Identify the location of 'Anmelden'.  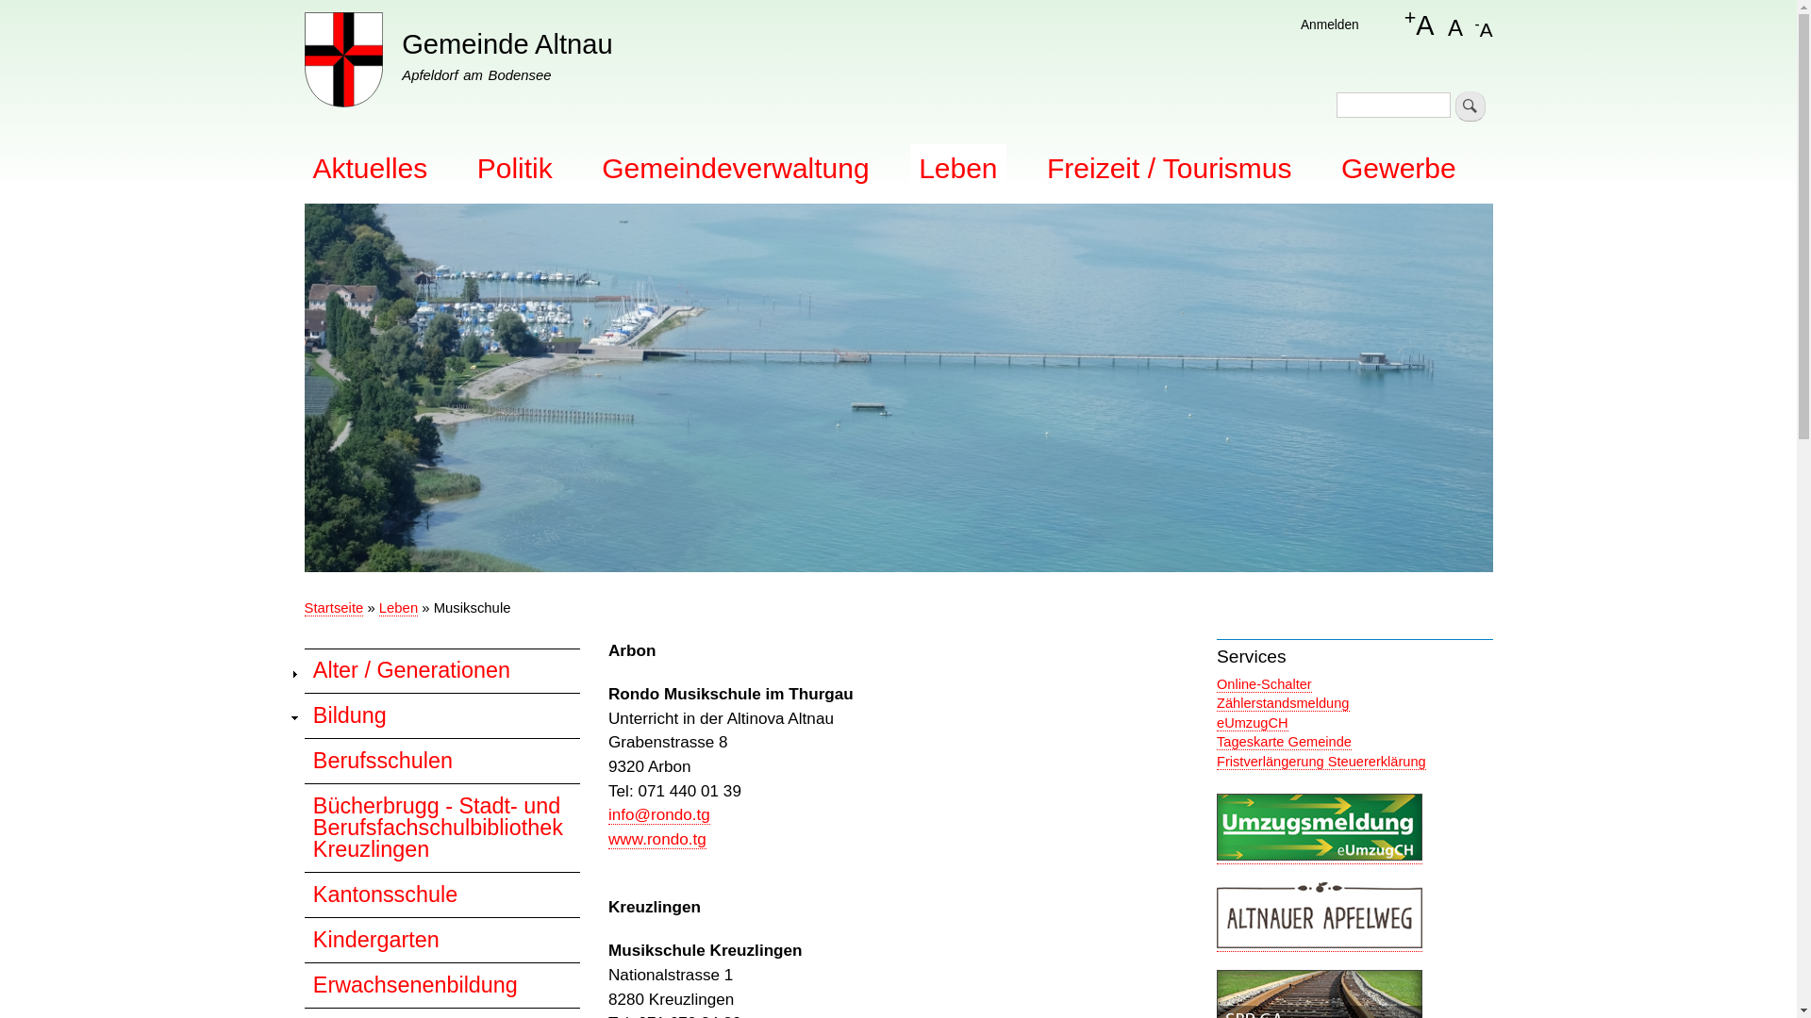
(1329, 25).